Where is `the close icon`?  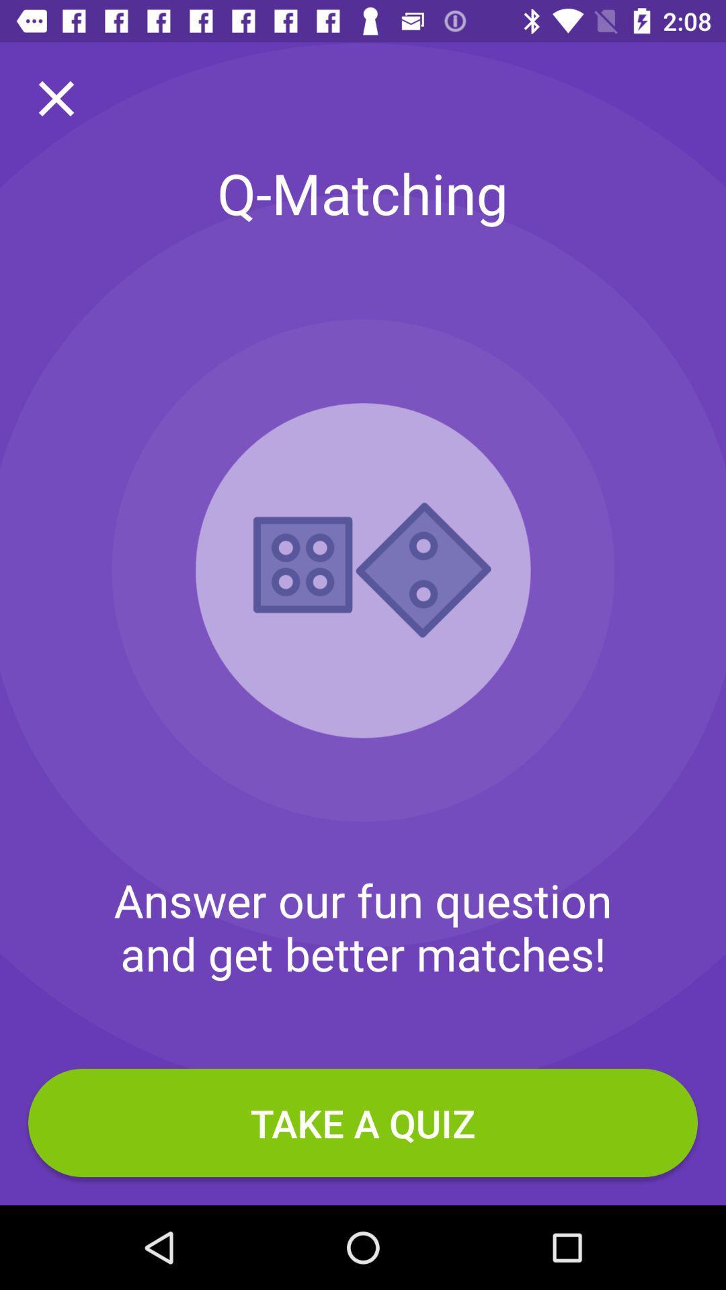 the close icon is located at coordinates (56, 98).